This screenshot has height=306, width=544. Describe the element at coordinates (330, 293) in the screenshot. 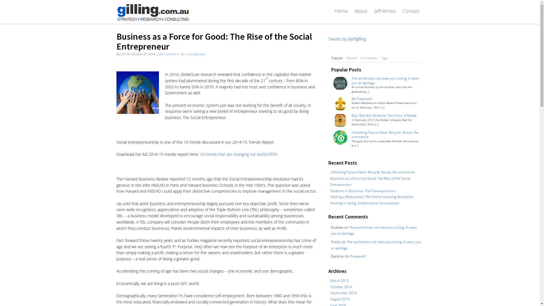

I see `'September 2014'` at that location.